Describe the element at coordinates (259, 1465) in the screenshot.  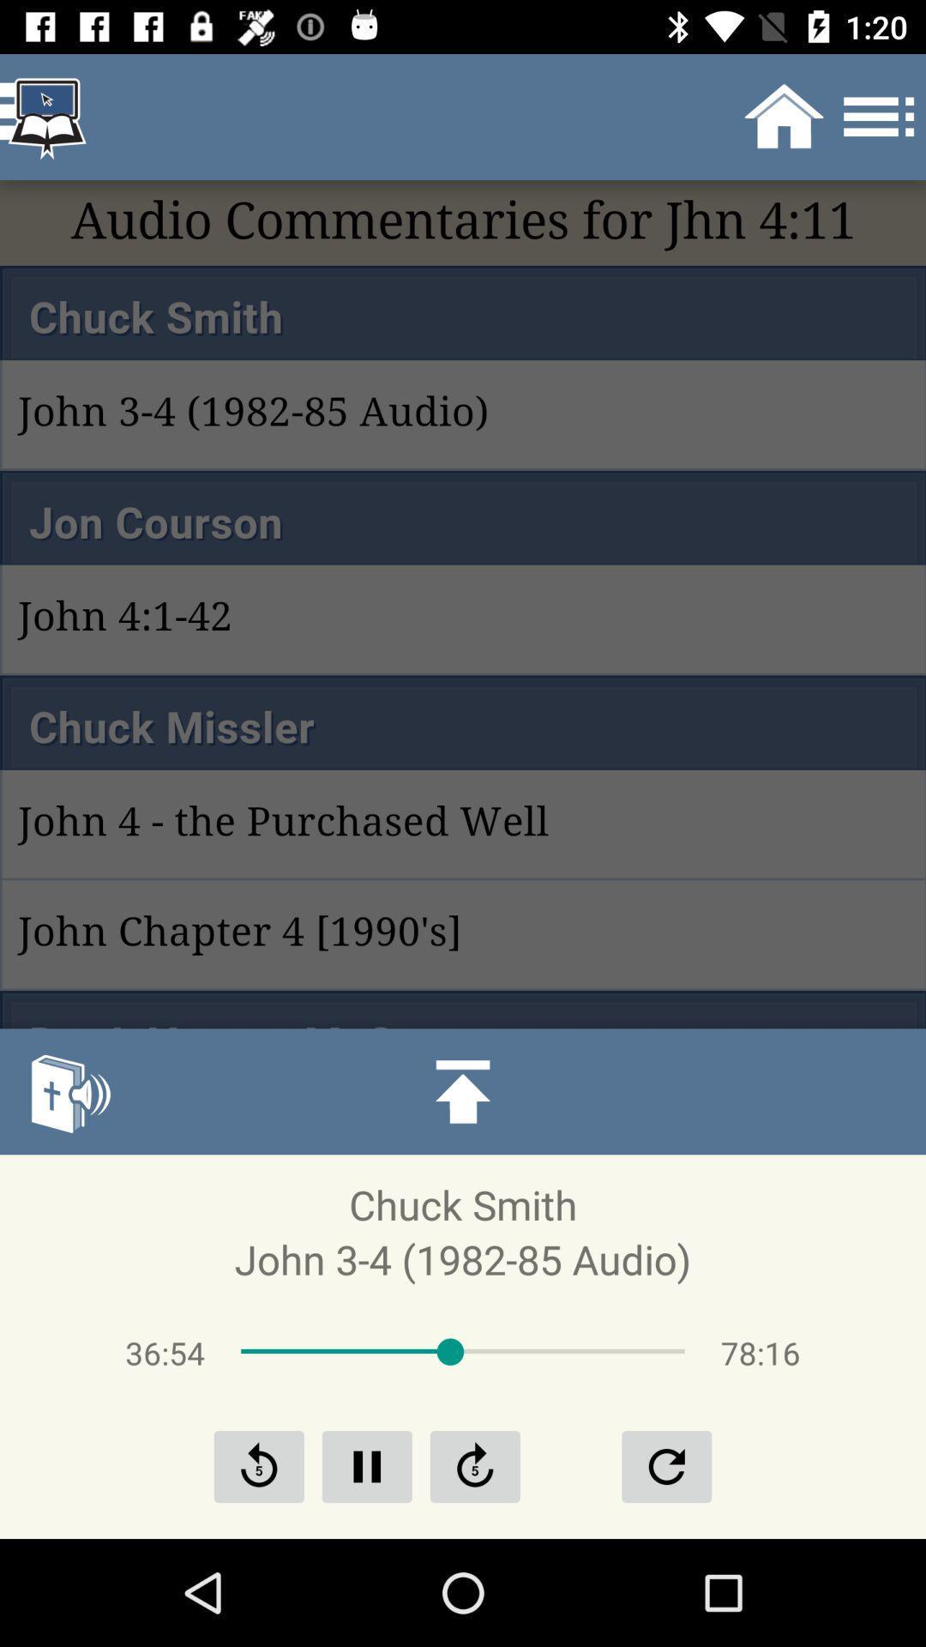
I see `the av_rewind icon` at that location.